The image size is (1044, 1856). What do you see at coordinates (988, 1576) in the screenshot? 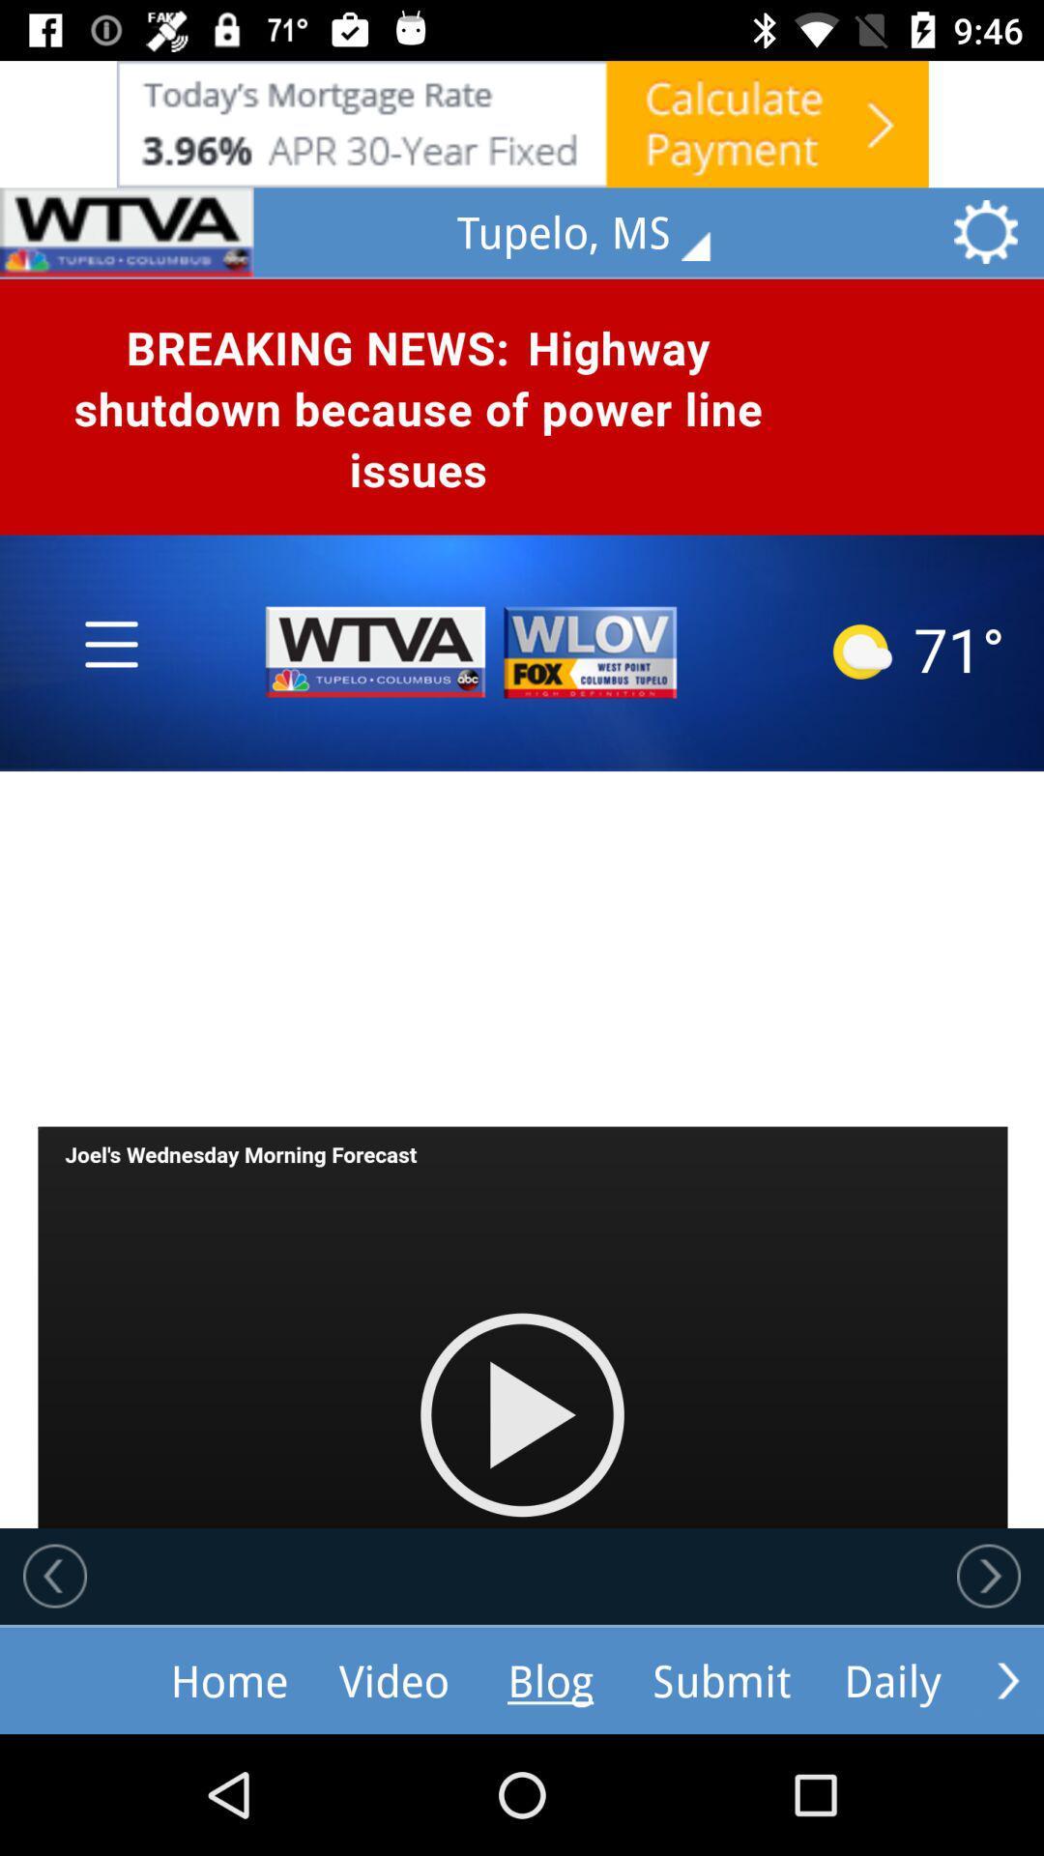
I see `next` at bounding box center [988, 1576].